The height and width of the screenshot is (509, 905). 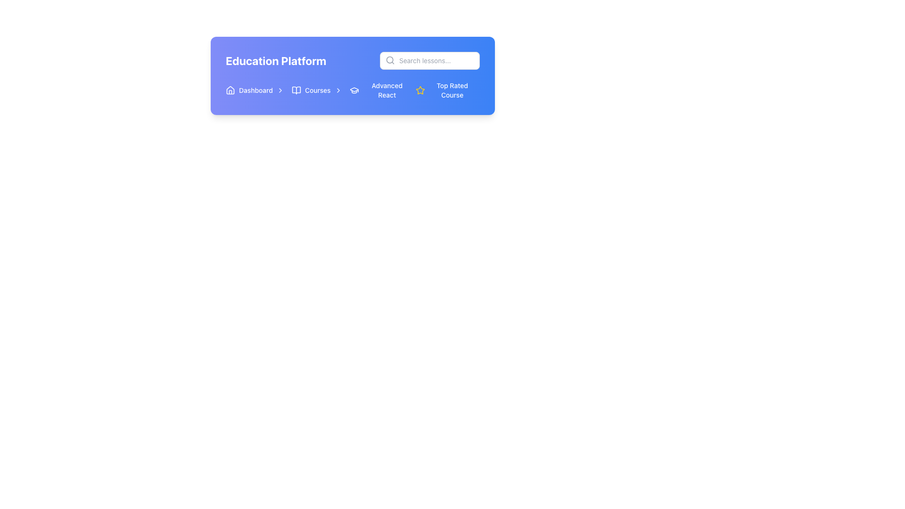 What do you see at coordinates (380, 90) in the screenshot?
I see `the 'Advanced React' text label with a graduation cap icon in the navigation bar` at bounding box center [380, 90].